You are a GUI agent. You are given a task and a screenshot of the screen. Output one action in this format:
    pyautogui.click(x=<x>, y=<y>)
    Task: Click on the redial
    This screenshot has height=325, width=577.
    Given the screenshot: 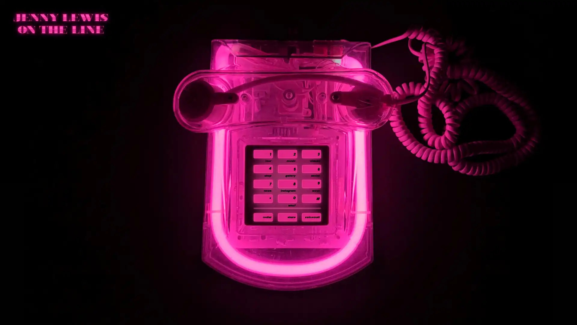 What is the action you would take?
    pyautogui.click(x=263, y=217)
    